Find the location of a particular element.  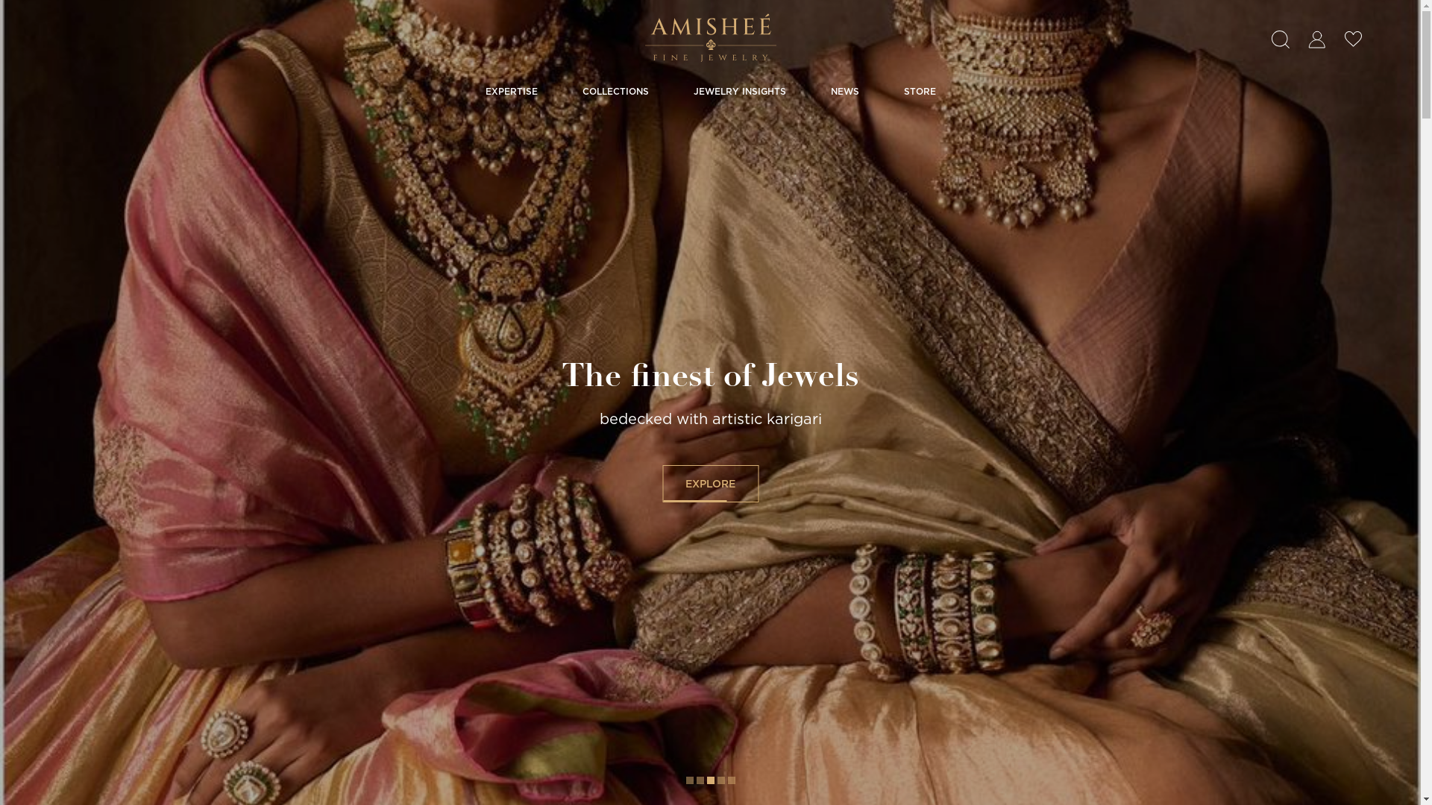

'NEWS' is located at coordinates (829, 91).